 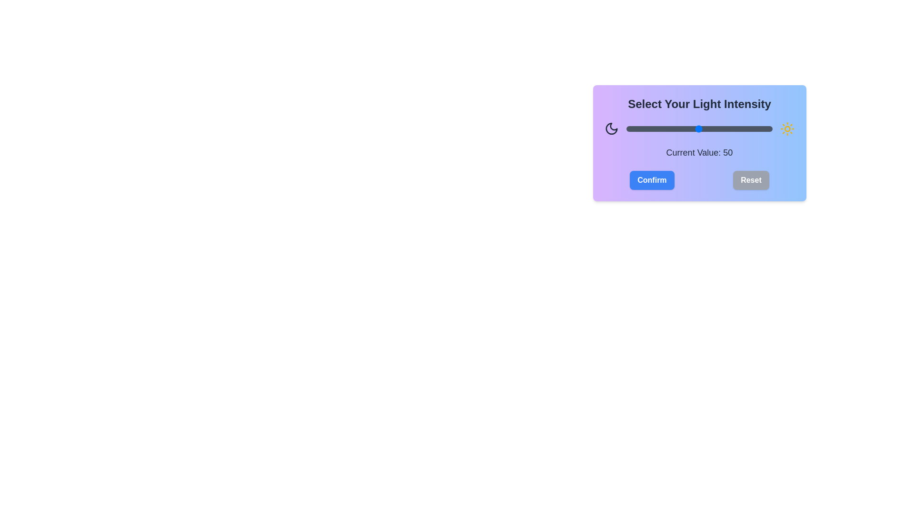 I want to click on the text displaying the current value of the slider, so click(x=699, y=152).